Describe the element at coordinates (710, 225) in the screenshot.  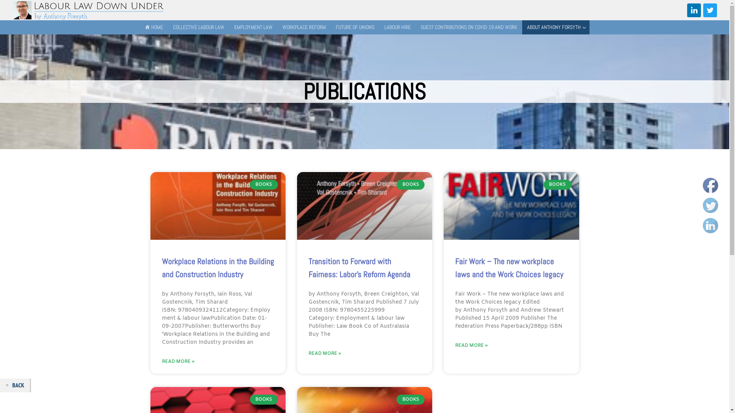
I see `'LinkedIn'` at that location.